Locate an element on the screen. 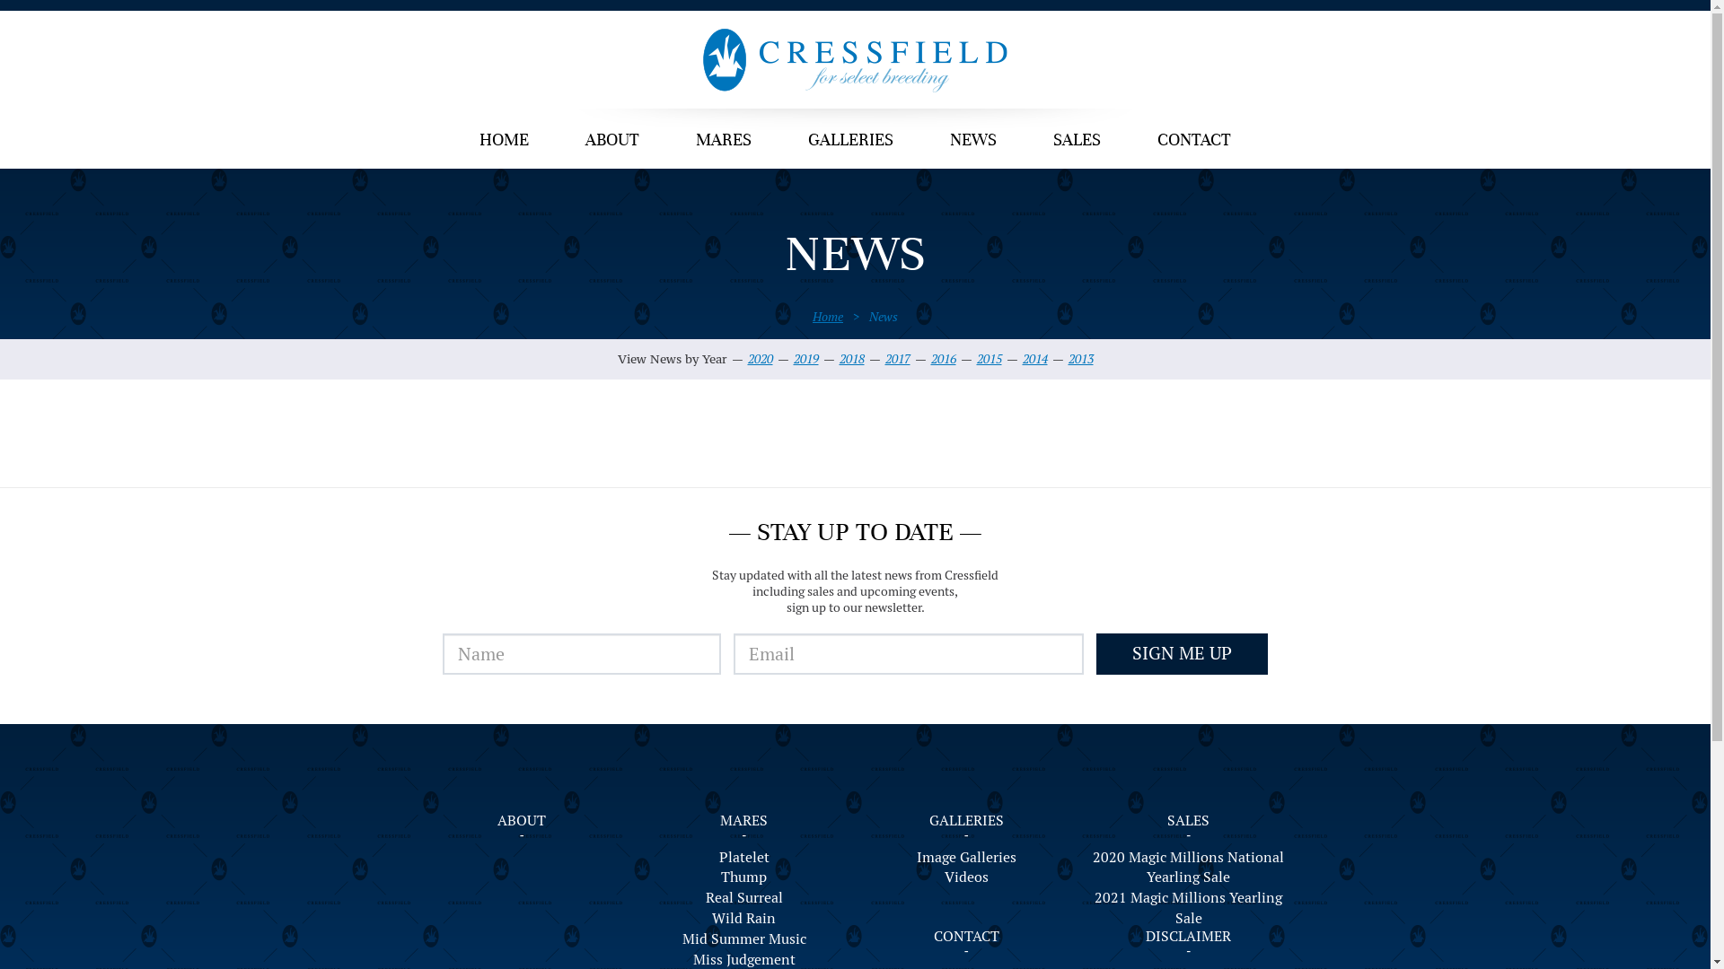 This screenshot has width=1724, height=969. 'CONTACT' is located at coordinates (965, 935).